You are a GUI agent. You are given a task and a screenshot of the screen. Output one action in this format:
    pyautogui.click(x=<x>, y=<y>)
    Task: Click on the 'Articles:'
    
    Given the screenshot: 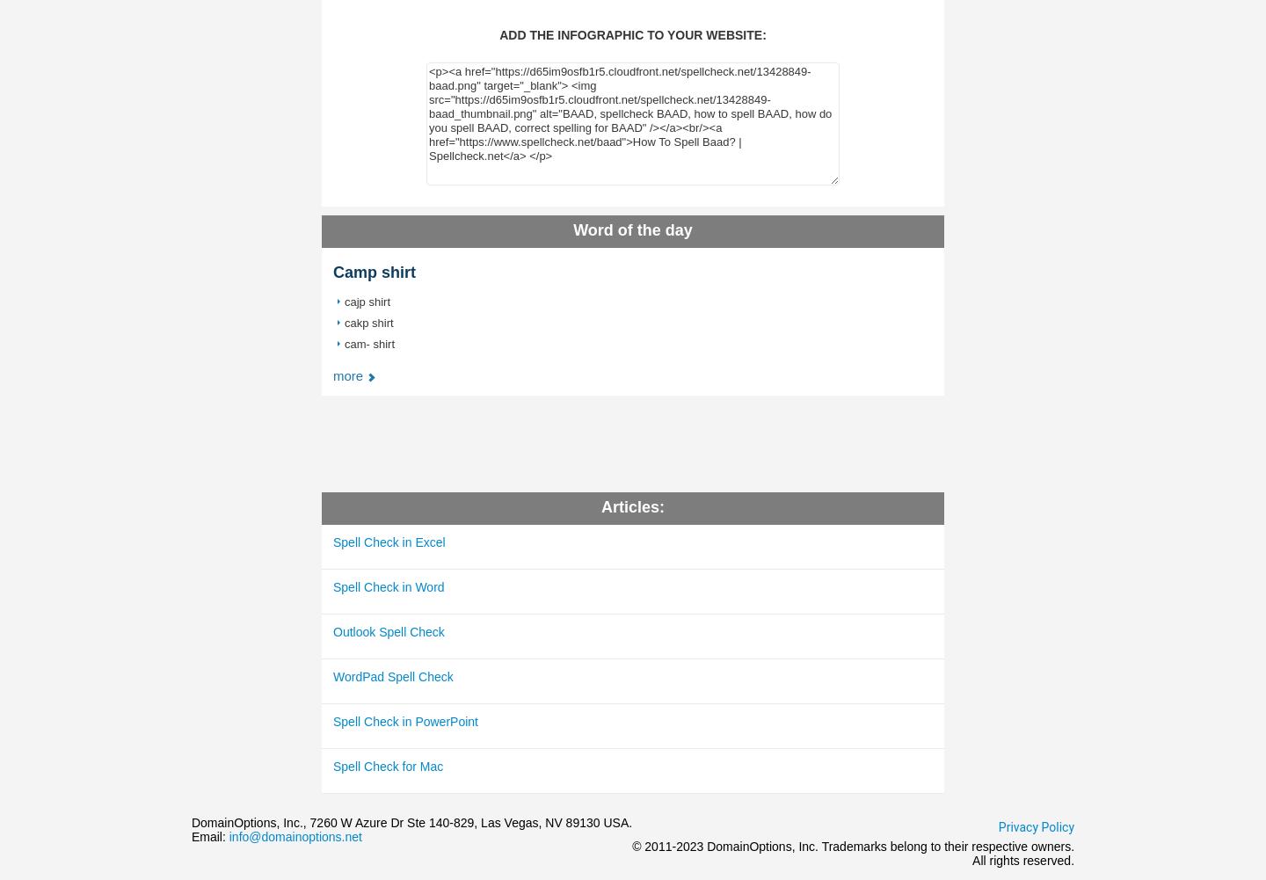 What is the action you would take?
    pyautogui.click(x=632, y=506)
    